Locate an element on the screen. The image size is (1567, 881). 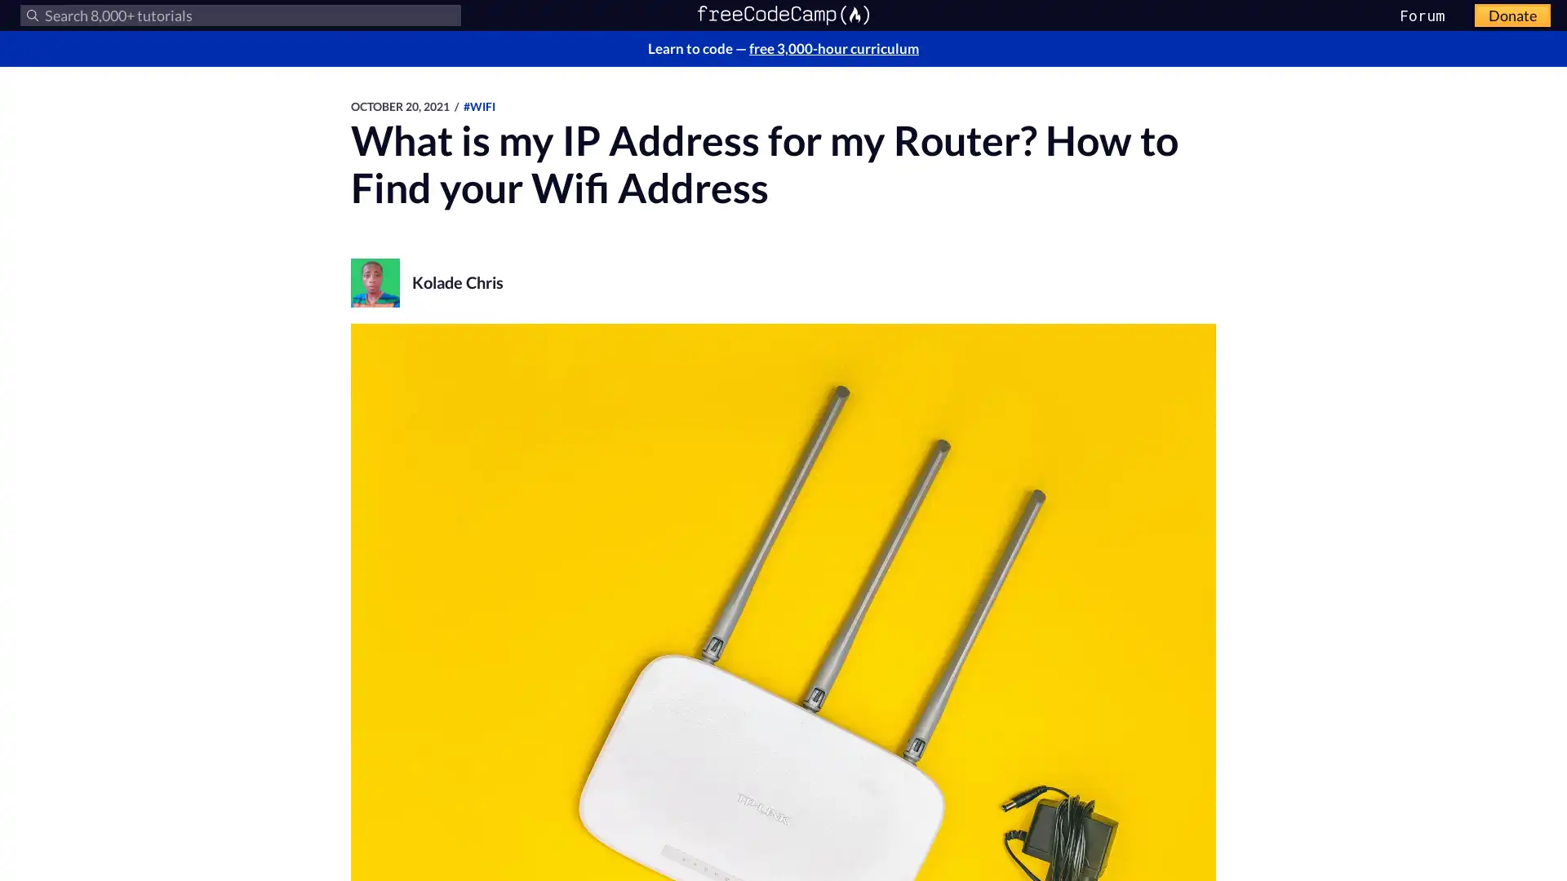
Submit your search query is located at coordinates (32, 15).